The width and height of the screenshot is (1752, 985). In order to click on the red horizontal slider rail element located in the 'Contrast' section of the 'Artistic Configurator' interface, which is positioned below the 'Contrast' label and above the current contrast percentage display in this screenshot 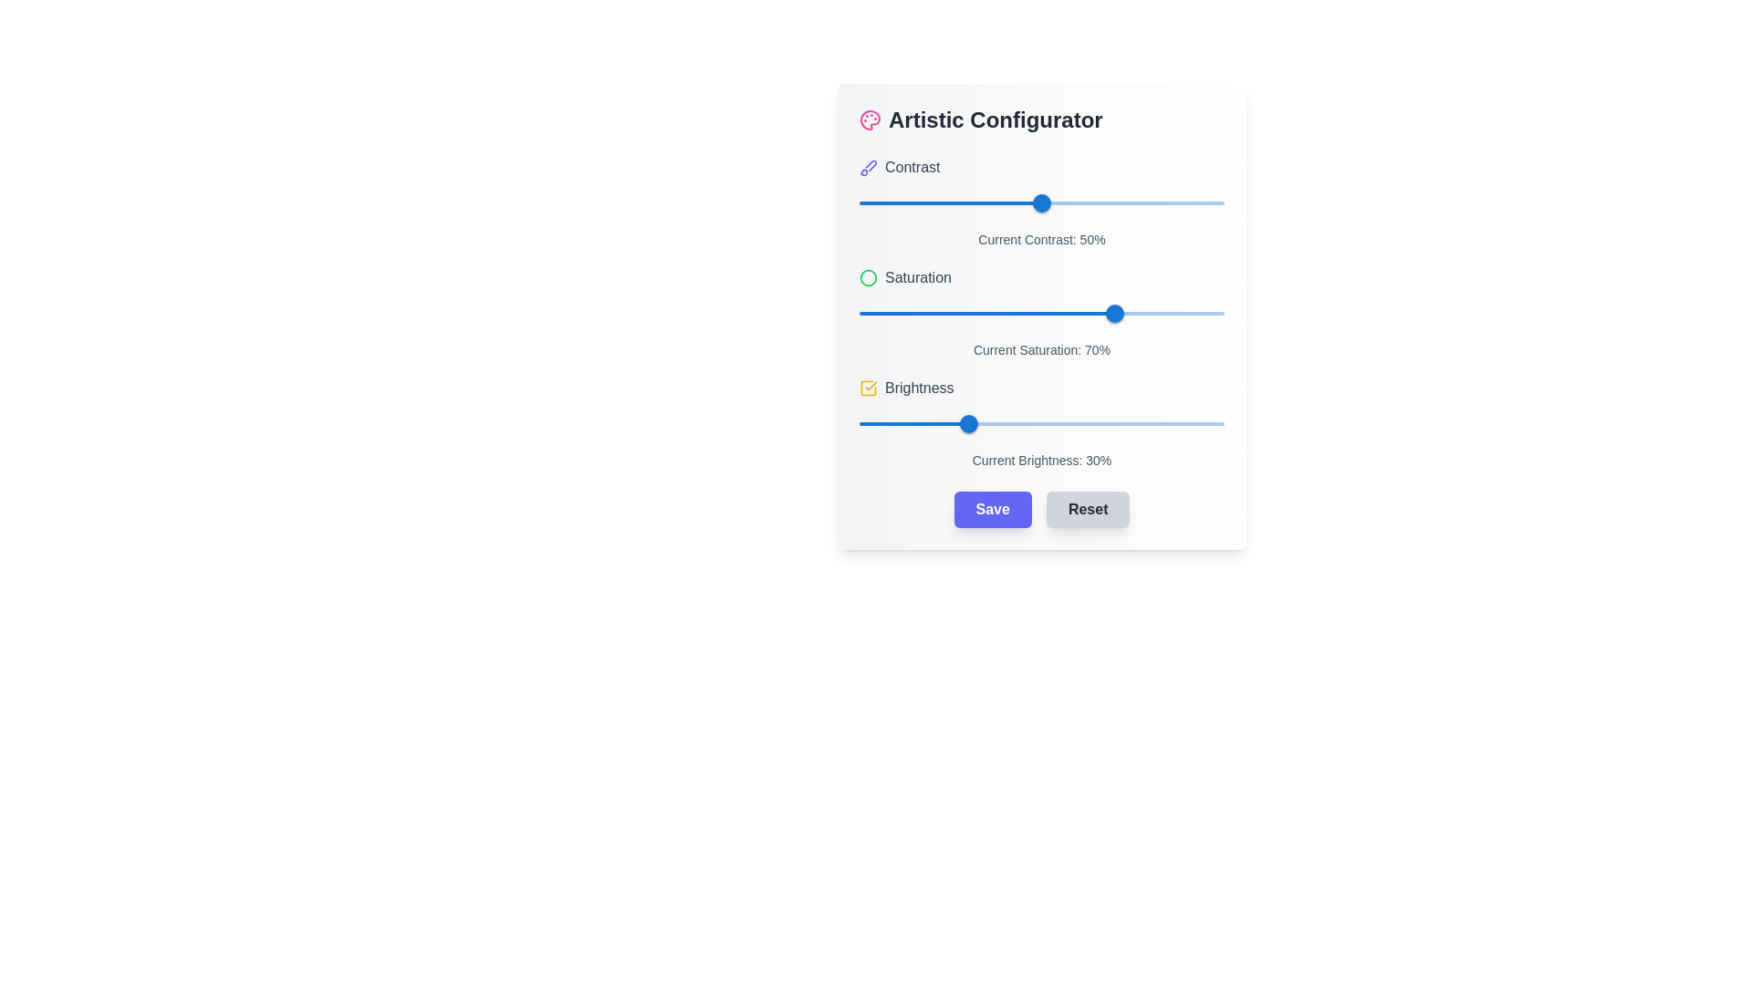, I will do `click(1042, 203)`.